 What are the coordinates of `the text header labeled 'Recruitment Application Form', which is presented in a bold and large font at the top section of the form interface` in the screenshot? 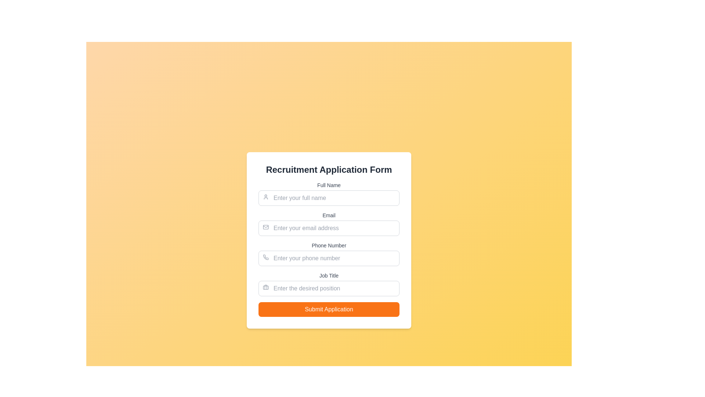 It's located at (329, 170).